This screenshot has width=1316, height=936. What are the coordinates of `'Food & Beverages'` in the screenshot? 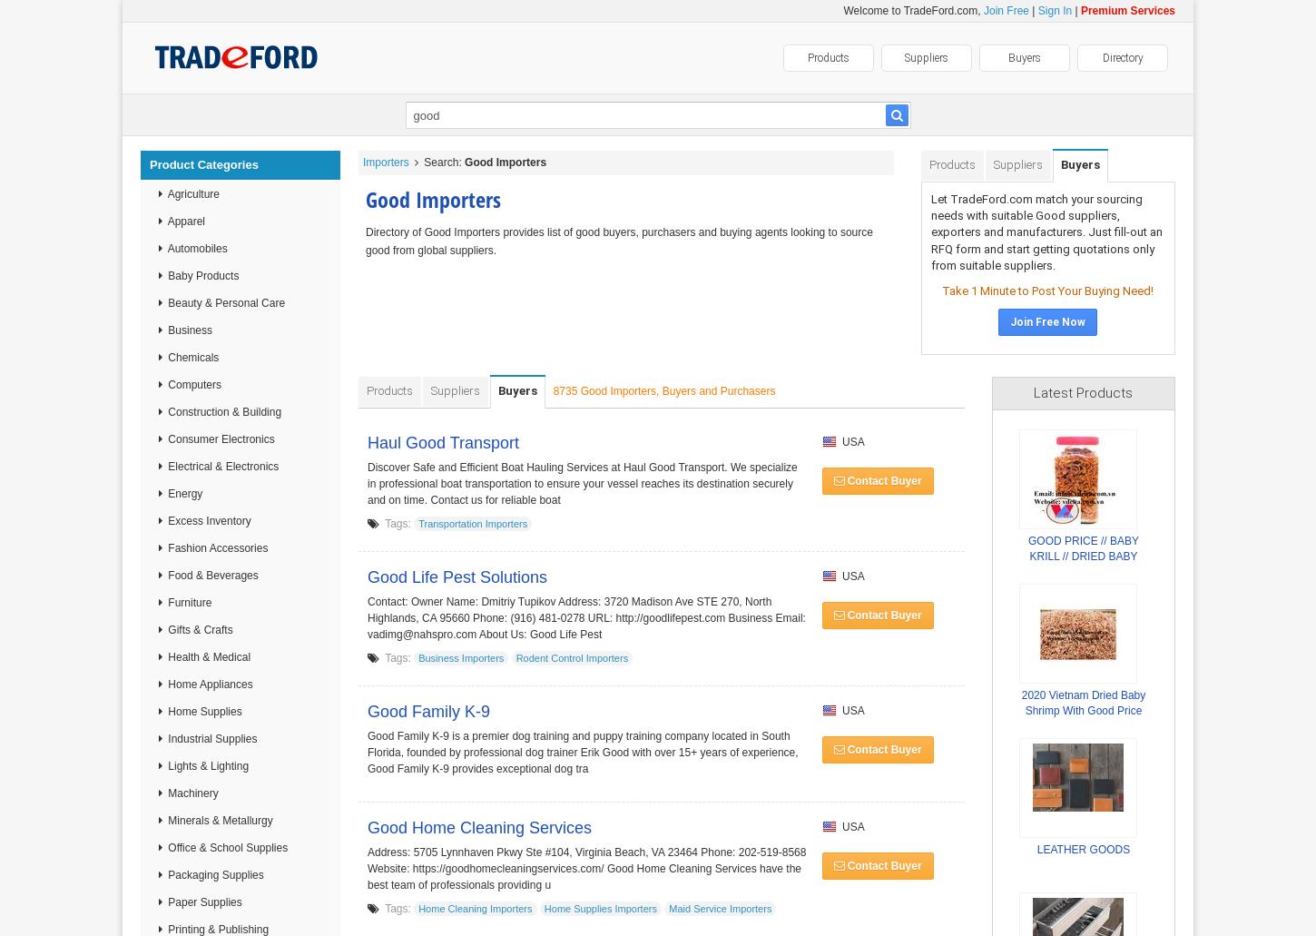 It's located at (211, 575).